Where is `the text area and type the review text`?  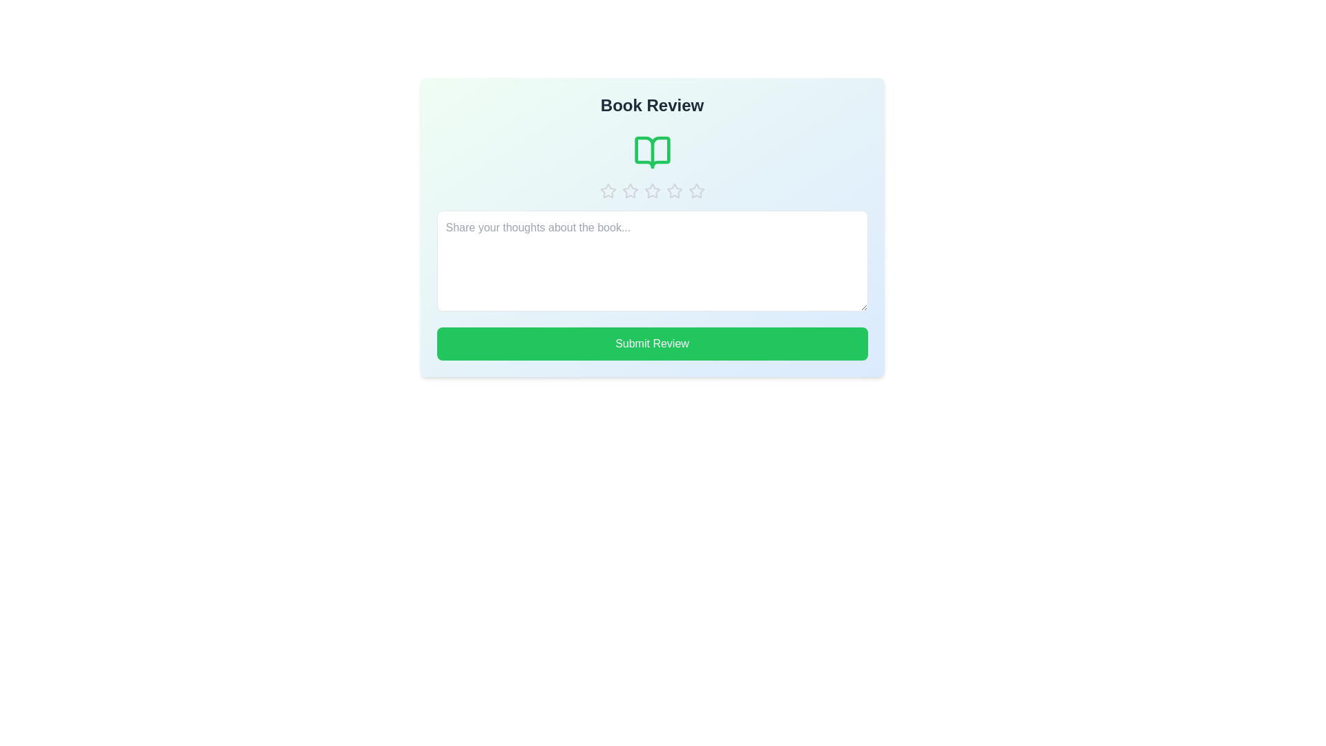
the text area and type the review text is located at coordinates (651, 261).